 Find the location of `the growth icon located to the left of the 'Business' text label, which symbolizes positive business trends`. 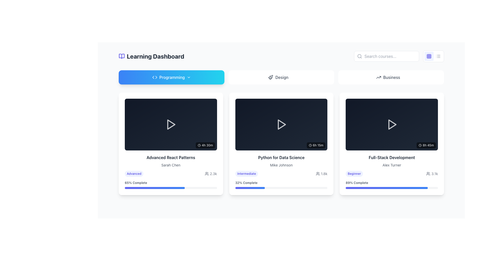

the growth icon located to the left of the 'Business' text label, which symbolizes positive business trends is located at coordinates (378, 77).